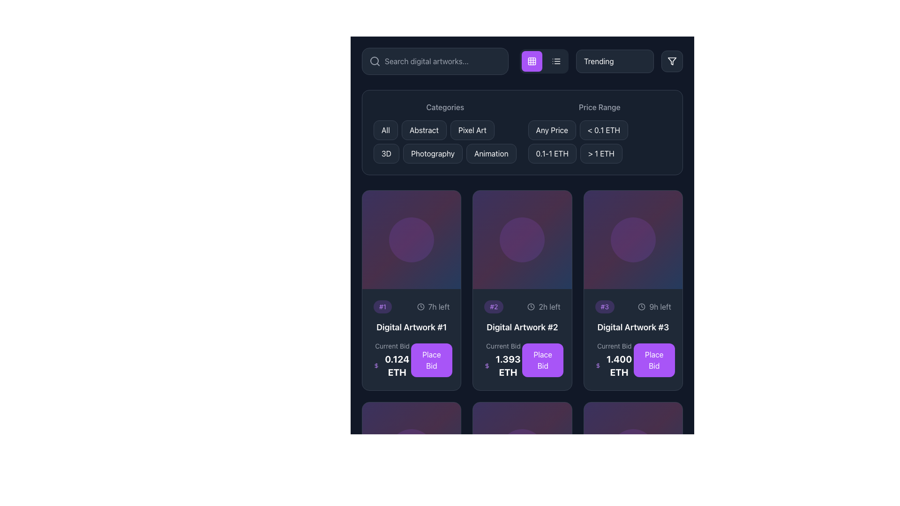 The height and width of the screenshot is (506, 900). I want to click on the clock icon located to the left of the '2h left' text above the title of the second digital artwork in the grid, so click(531, 307).